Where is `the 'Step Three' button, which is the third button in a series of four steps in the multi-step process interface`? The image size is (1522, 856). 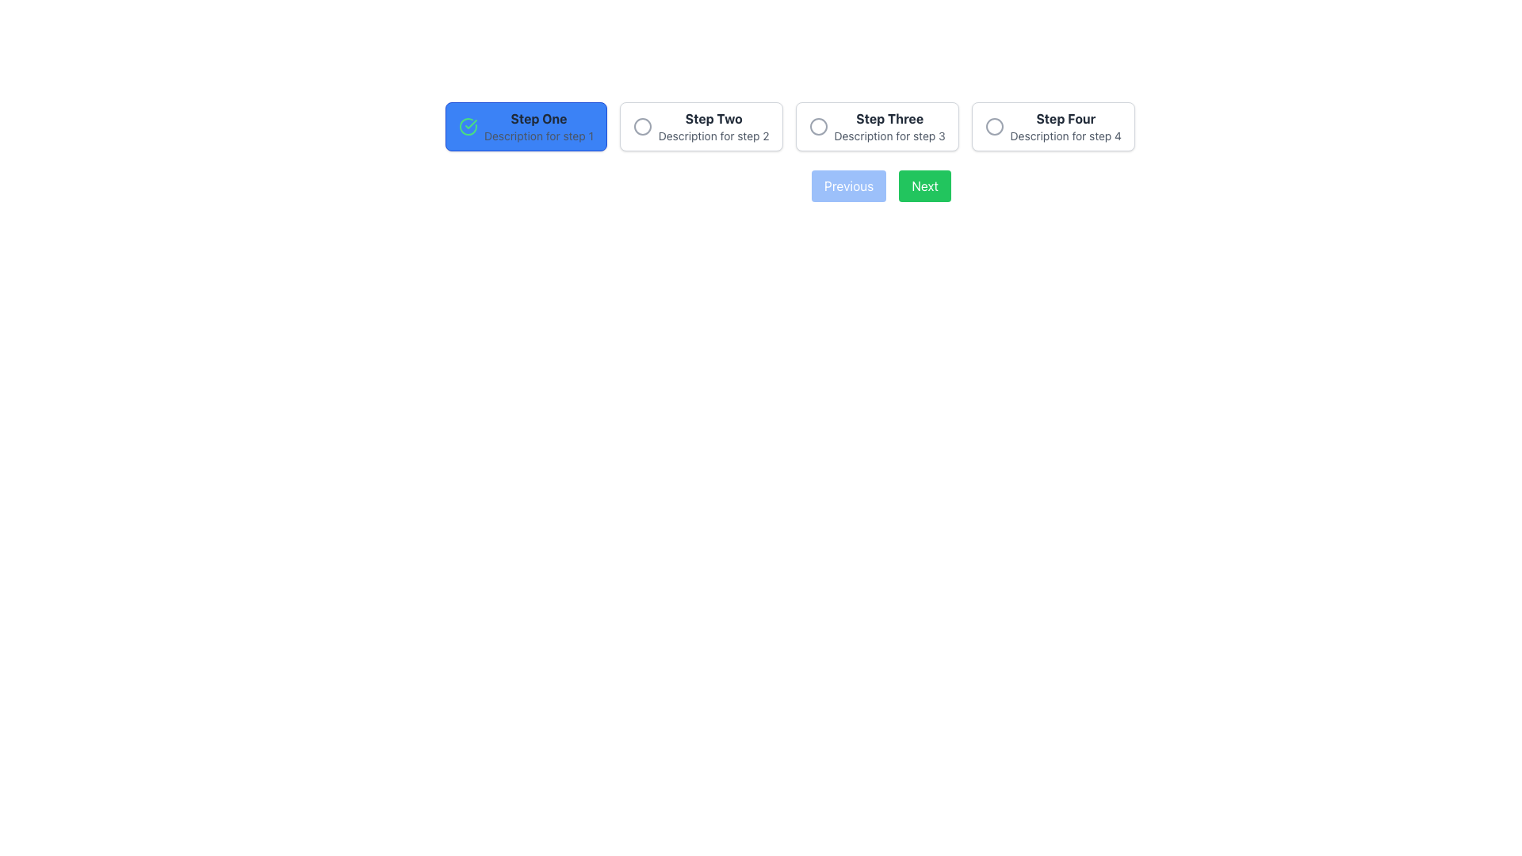
the 'Step Three' button, which is the third button in a series of four steps in the multi-step process interface is located at coordinates (876, 125).